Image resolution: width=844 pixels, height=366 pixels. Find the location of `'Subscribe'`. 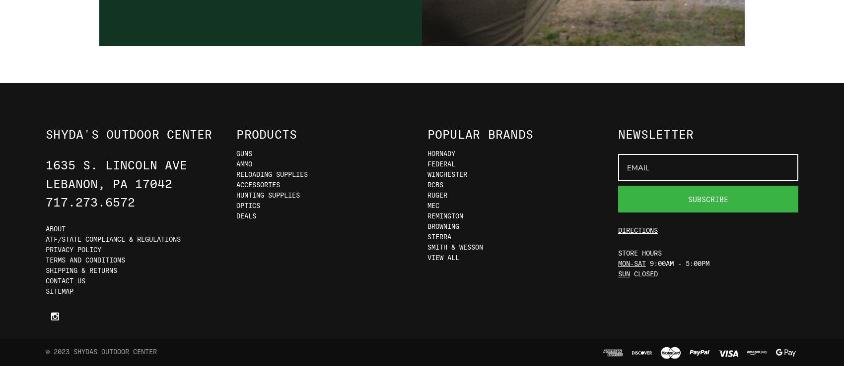

'Subscribe' is located at coordinates (707, 199).